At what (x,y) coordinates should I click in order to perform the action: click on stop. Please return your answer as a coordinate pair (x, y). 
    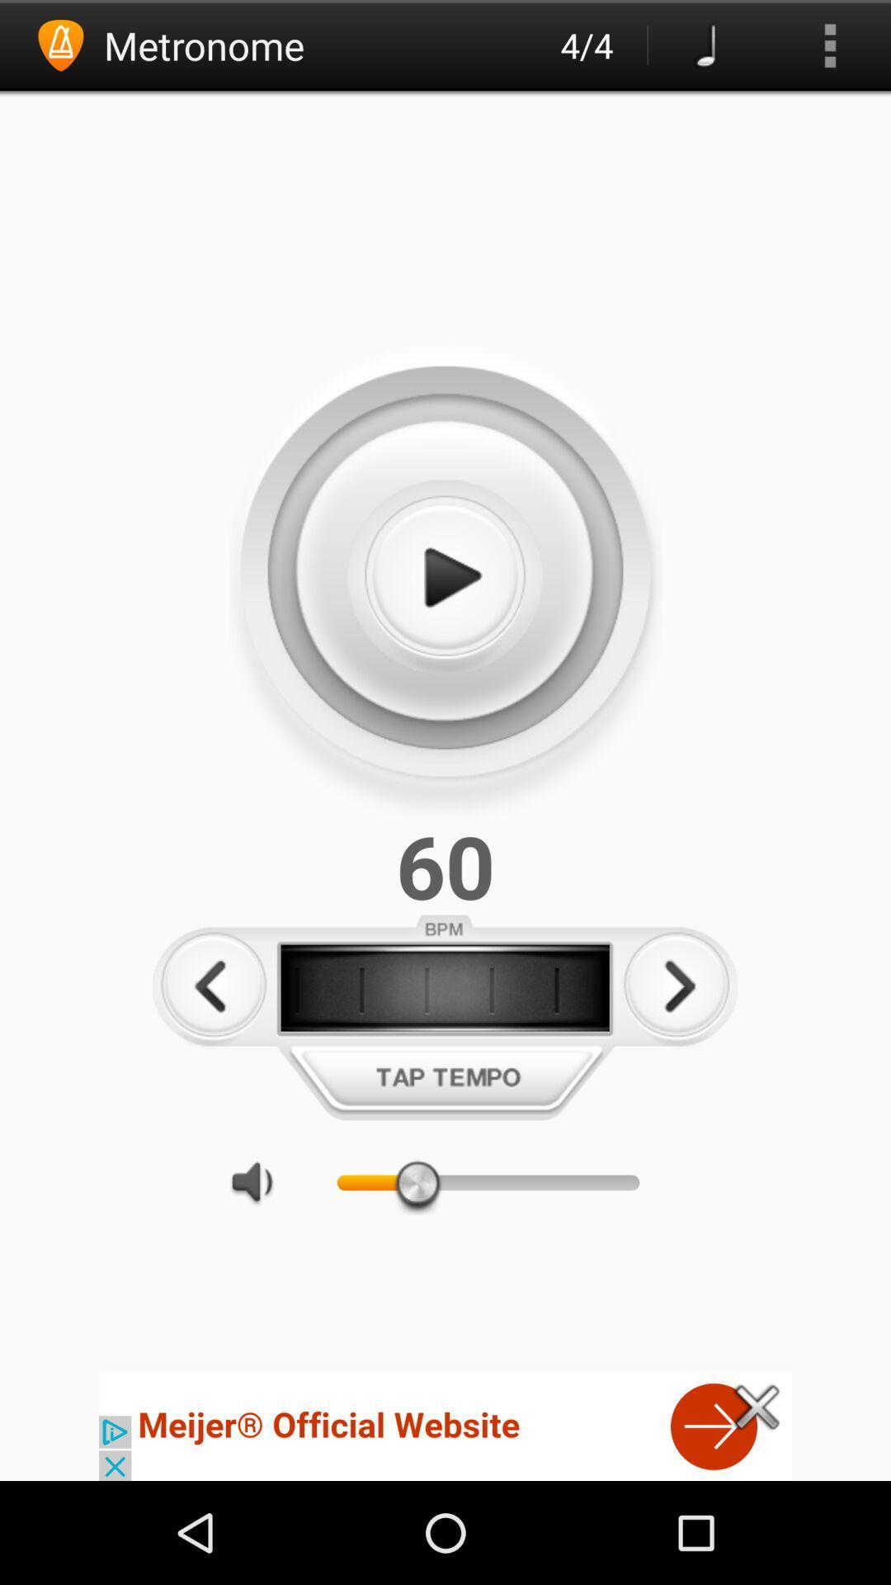
    Looking at the image, I should click on (444, 578).